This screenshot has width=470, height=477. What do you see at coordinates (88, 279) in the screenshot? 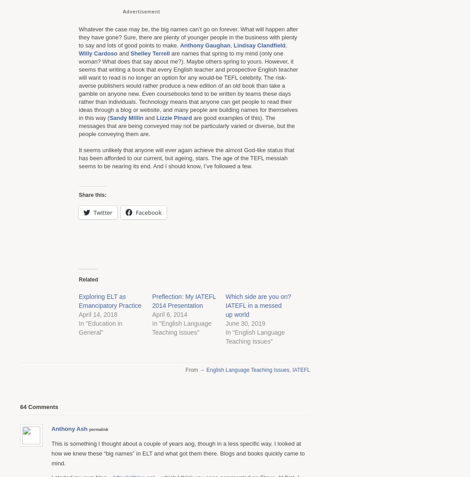
I see `'Related'` at bounding box center [88, 279].